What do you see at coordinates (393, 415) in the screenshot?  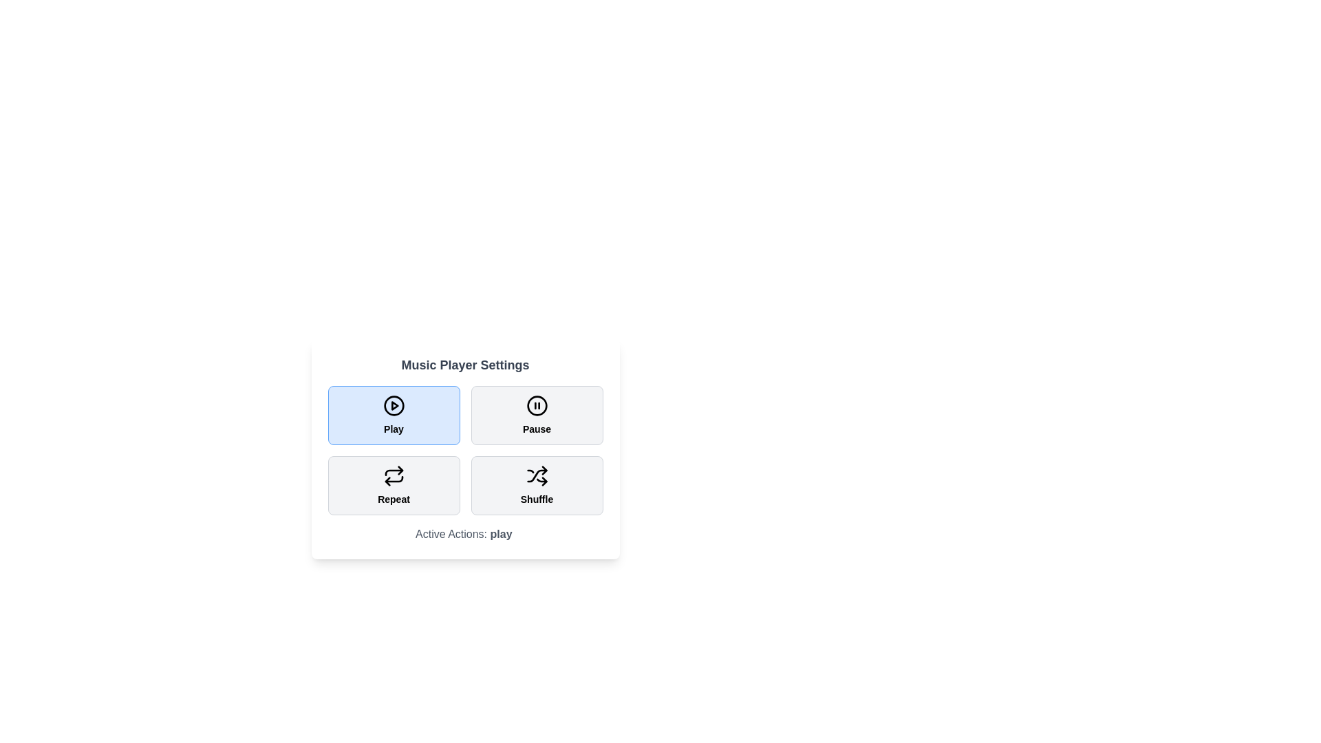 I see `the 'Play' button to toggle its state` at bounding box center [393, 415].